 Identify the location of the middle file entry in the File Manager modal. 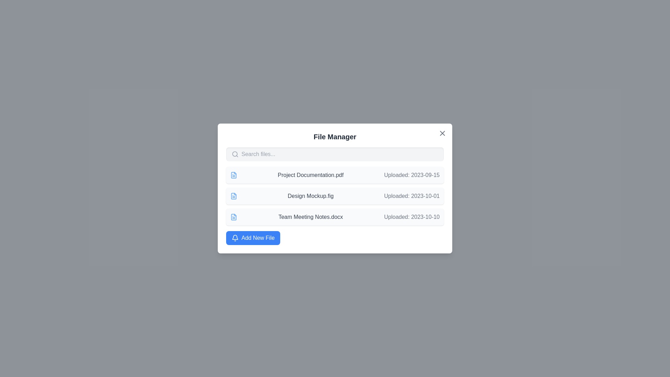
(335, 188).